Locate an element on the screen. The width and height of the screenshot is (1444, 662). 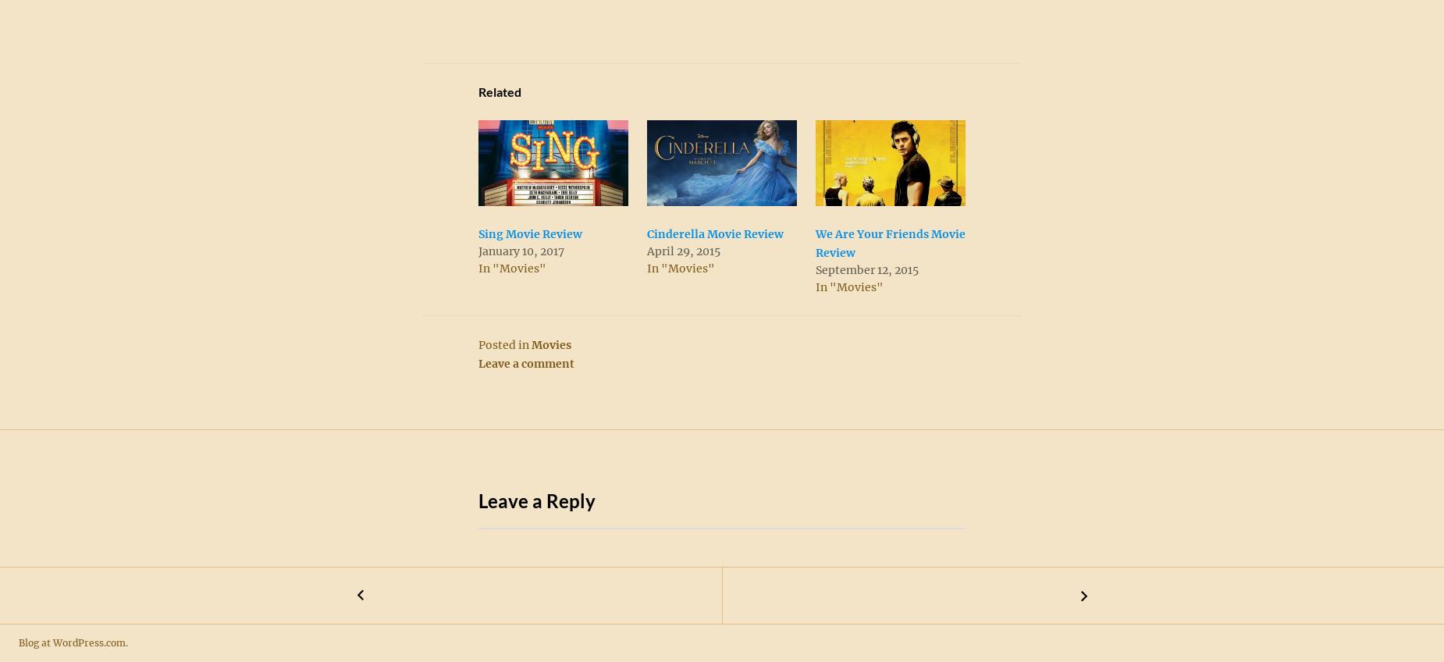
'Posted in' is located at coordinates (504, 343).